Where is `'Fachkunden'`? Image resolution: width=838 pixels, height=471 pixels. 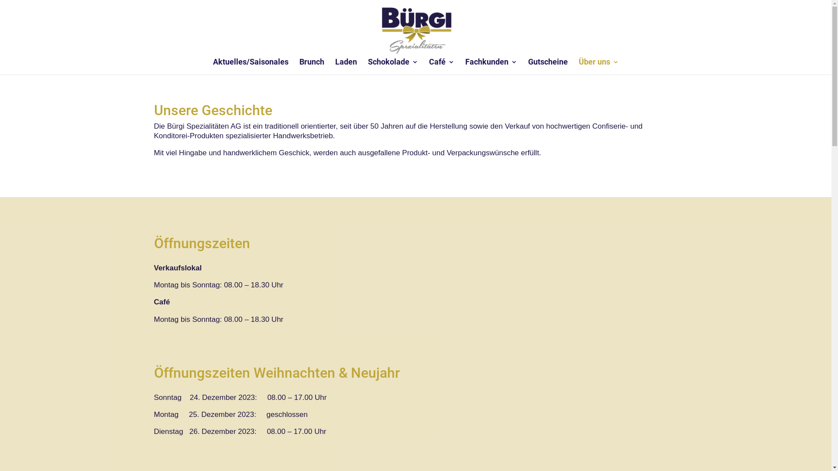 'Fachkunden' is located at coordinates (491, 66).